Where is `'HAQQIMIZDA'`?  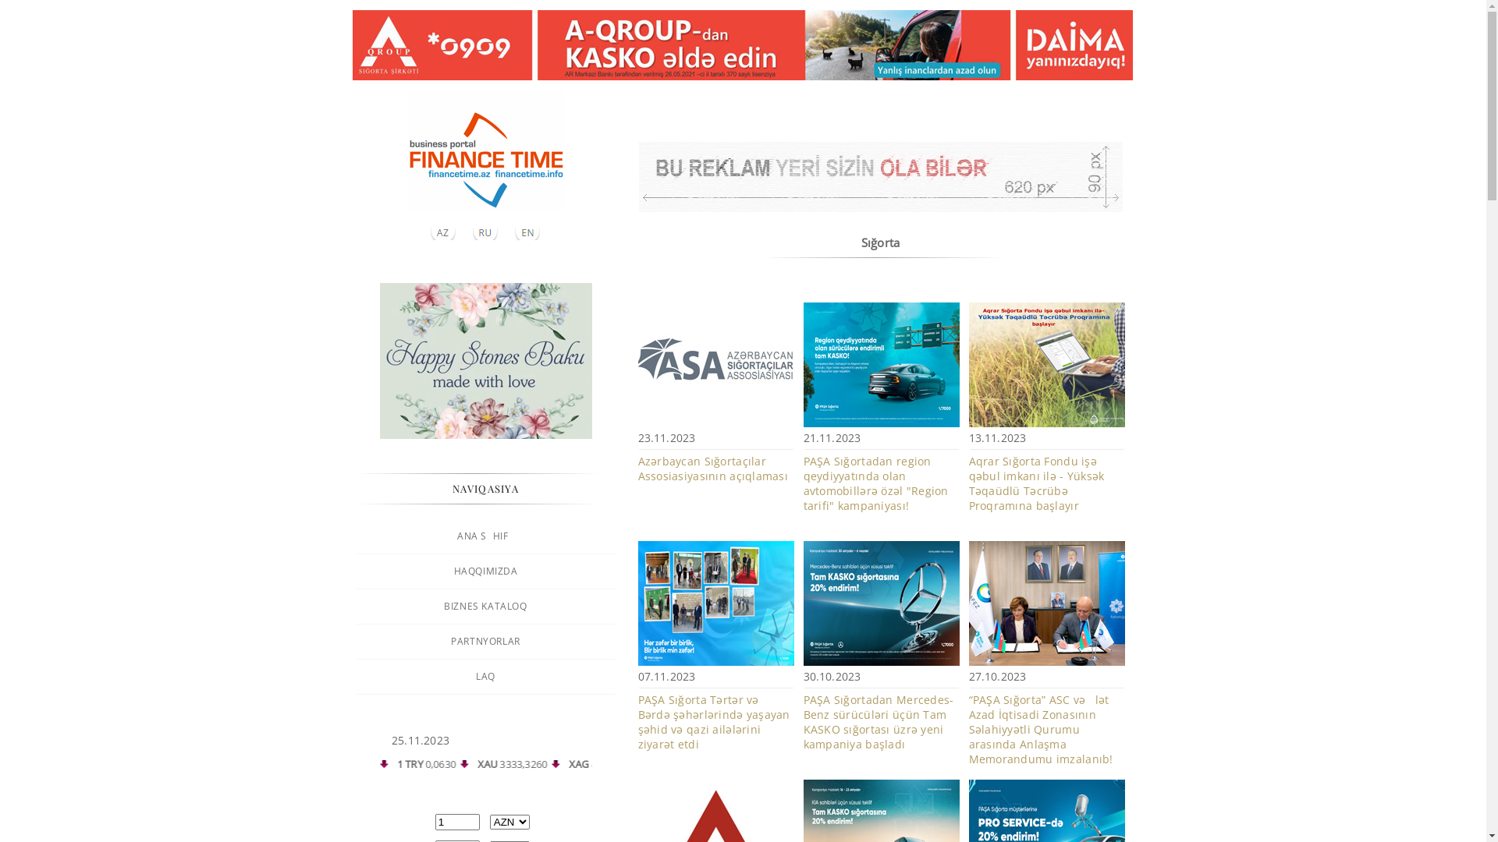
'HAQQIMIZDA' is located at coordinates (485, 571).